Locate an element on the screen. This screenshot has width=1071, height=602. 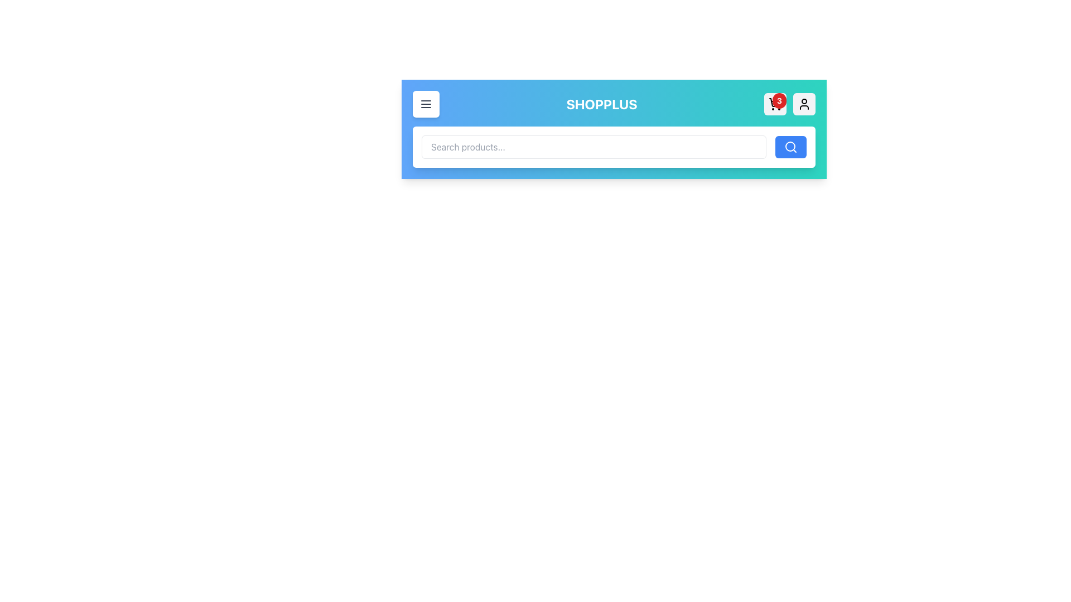
the search box located in the Navigation Bar at the top center of the application to input text is located at coordinates (613, 172).